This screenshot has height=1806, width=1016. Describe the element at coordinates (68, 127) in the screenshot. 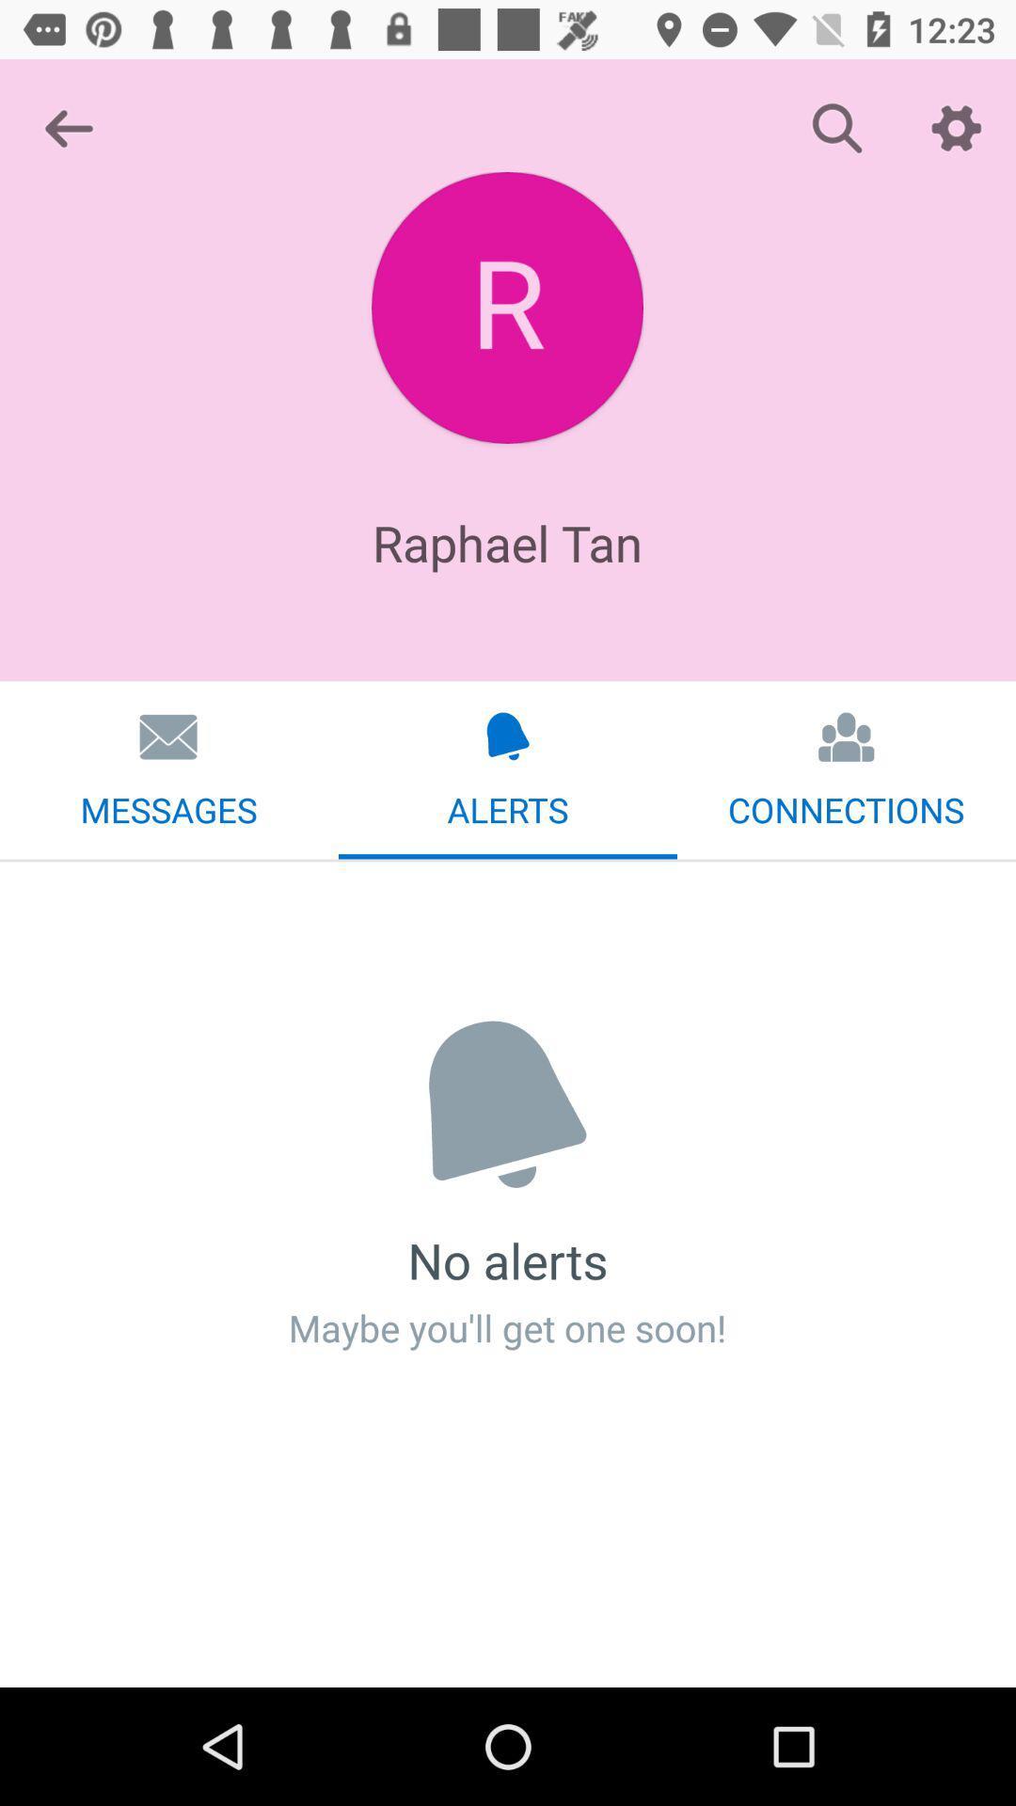

I see `item at the top left corner` at that location.